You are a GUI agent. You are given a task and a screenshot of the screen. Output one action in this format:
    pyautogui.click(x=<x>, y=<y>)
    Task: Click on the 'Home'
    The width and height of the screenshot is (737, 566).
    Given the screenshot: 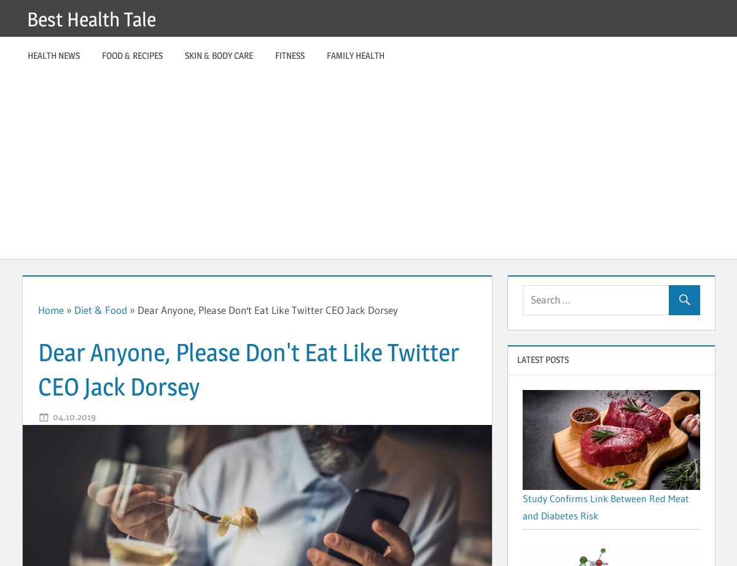 What is the action you would take?
    pyautogui.click(x=38, y=309)
    